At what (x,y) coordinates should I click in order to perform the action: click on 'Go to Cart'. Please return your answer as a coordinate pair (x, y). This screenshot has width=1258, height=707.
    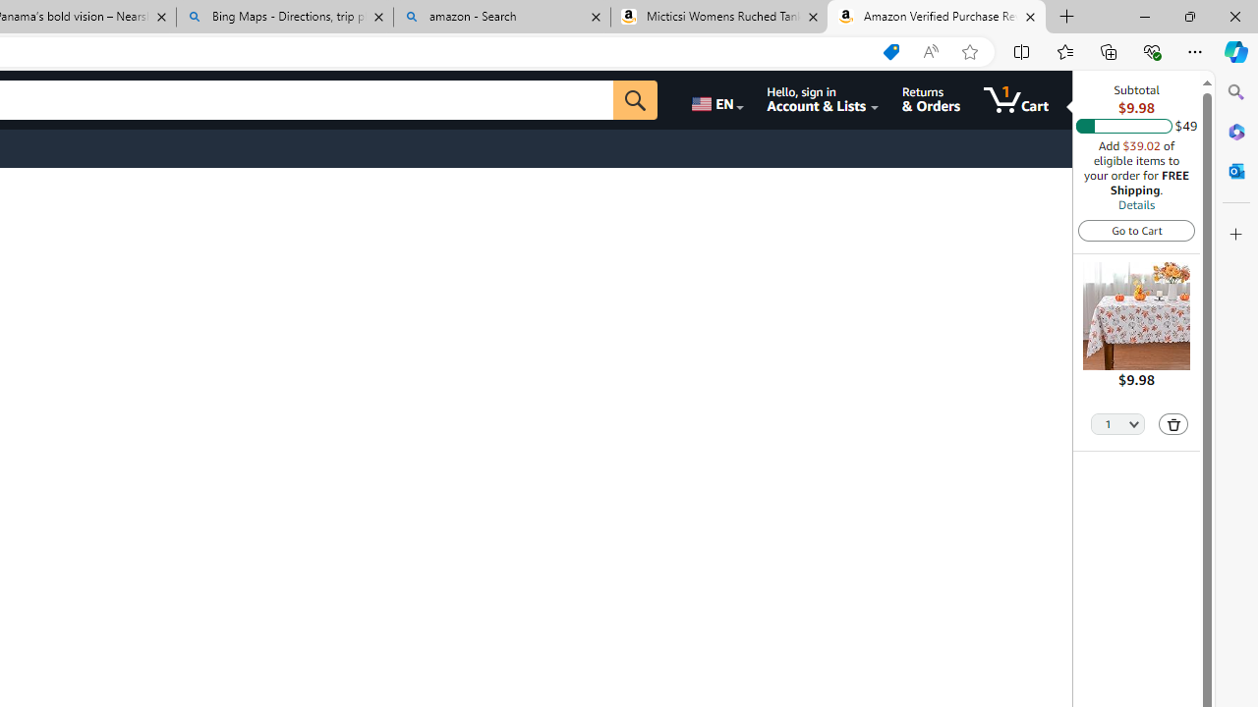
    Looking at the image, I should click on (1136, 229).